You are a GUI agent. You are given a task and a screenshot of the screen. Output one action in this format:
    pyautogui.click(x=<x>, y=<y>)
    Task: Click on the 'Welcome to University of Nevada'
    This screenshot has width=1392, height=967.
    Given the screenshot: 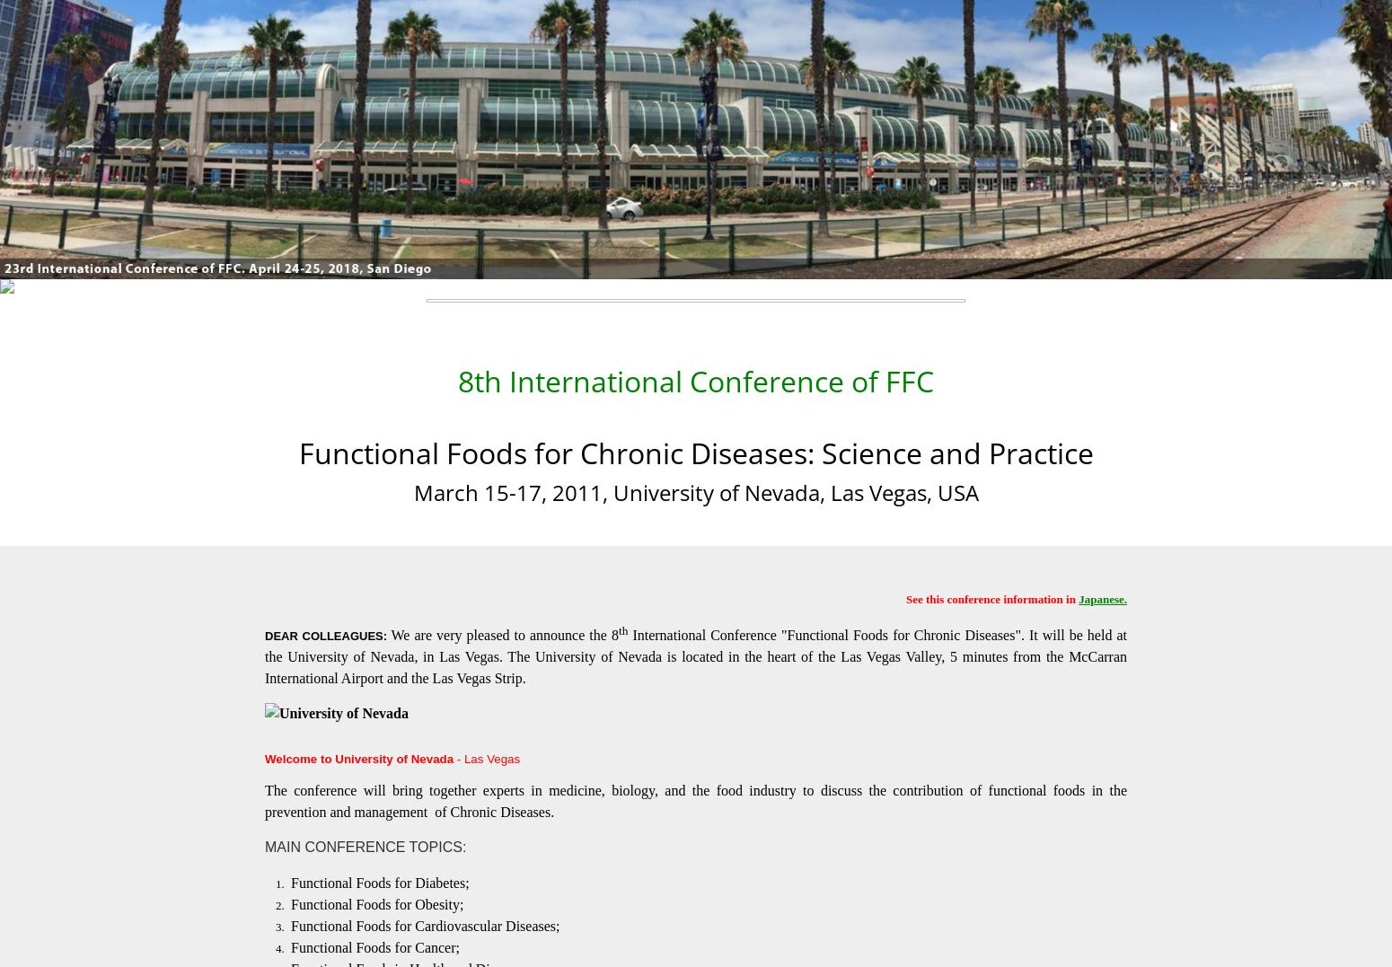 What is the action you would take?
    pyautogui.click(x=359, y=757)
    